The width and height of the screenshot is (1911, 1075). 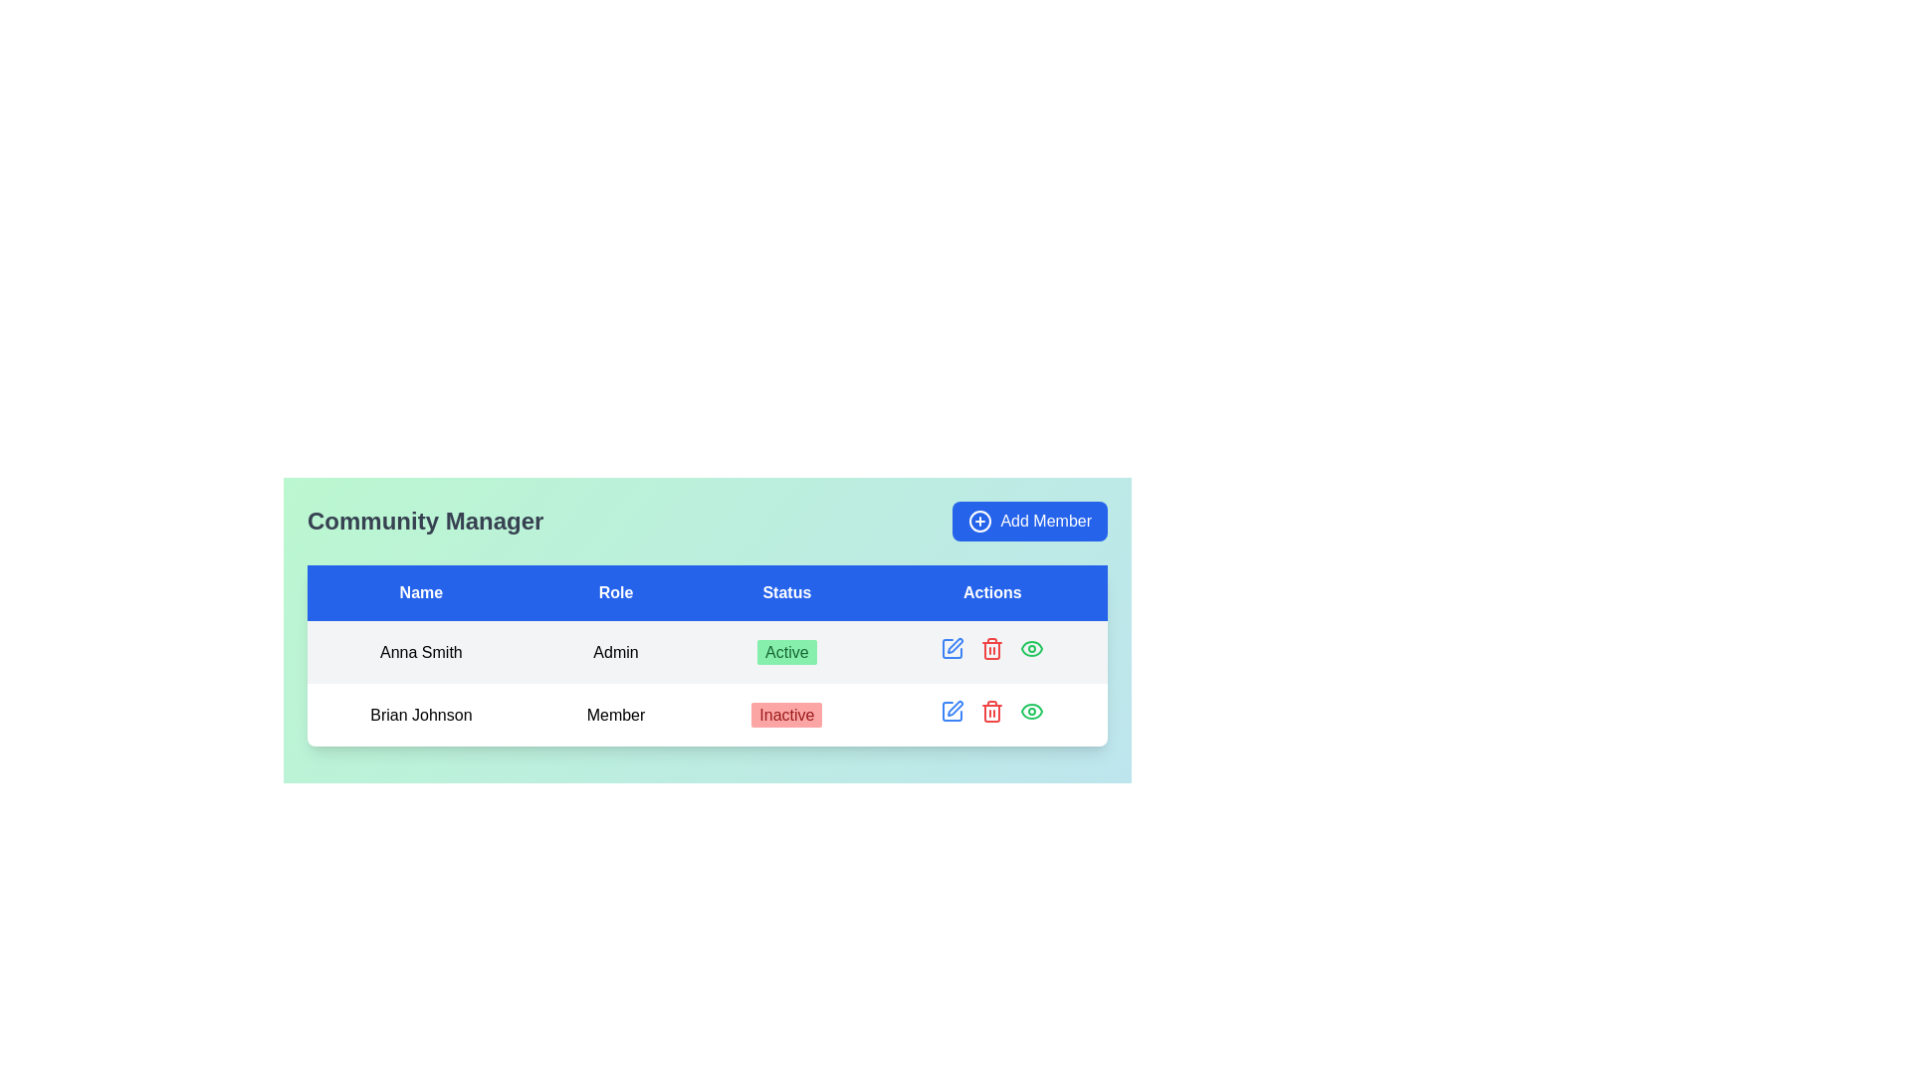 I want to click on the static text label indicating the role of 'Brian Johnson' in the second column under the 'Role' heading of the table, so click(x=615, y=714).